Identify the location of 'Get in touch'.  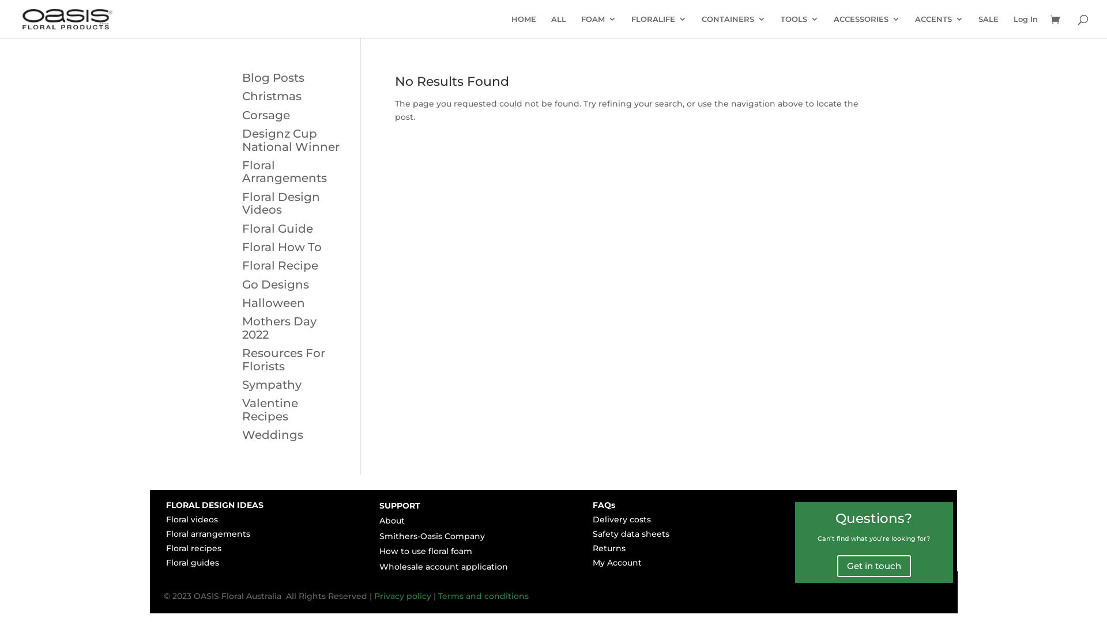
(874, 566).